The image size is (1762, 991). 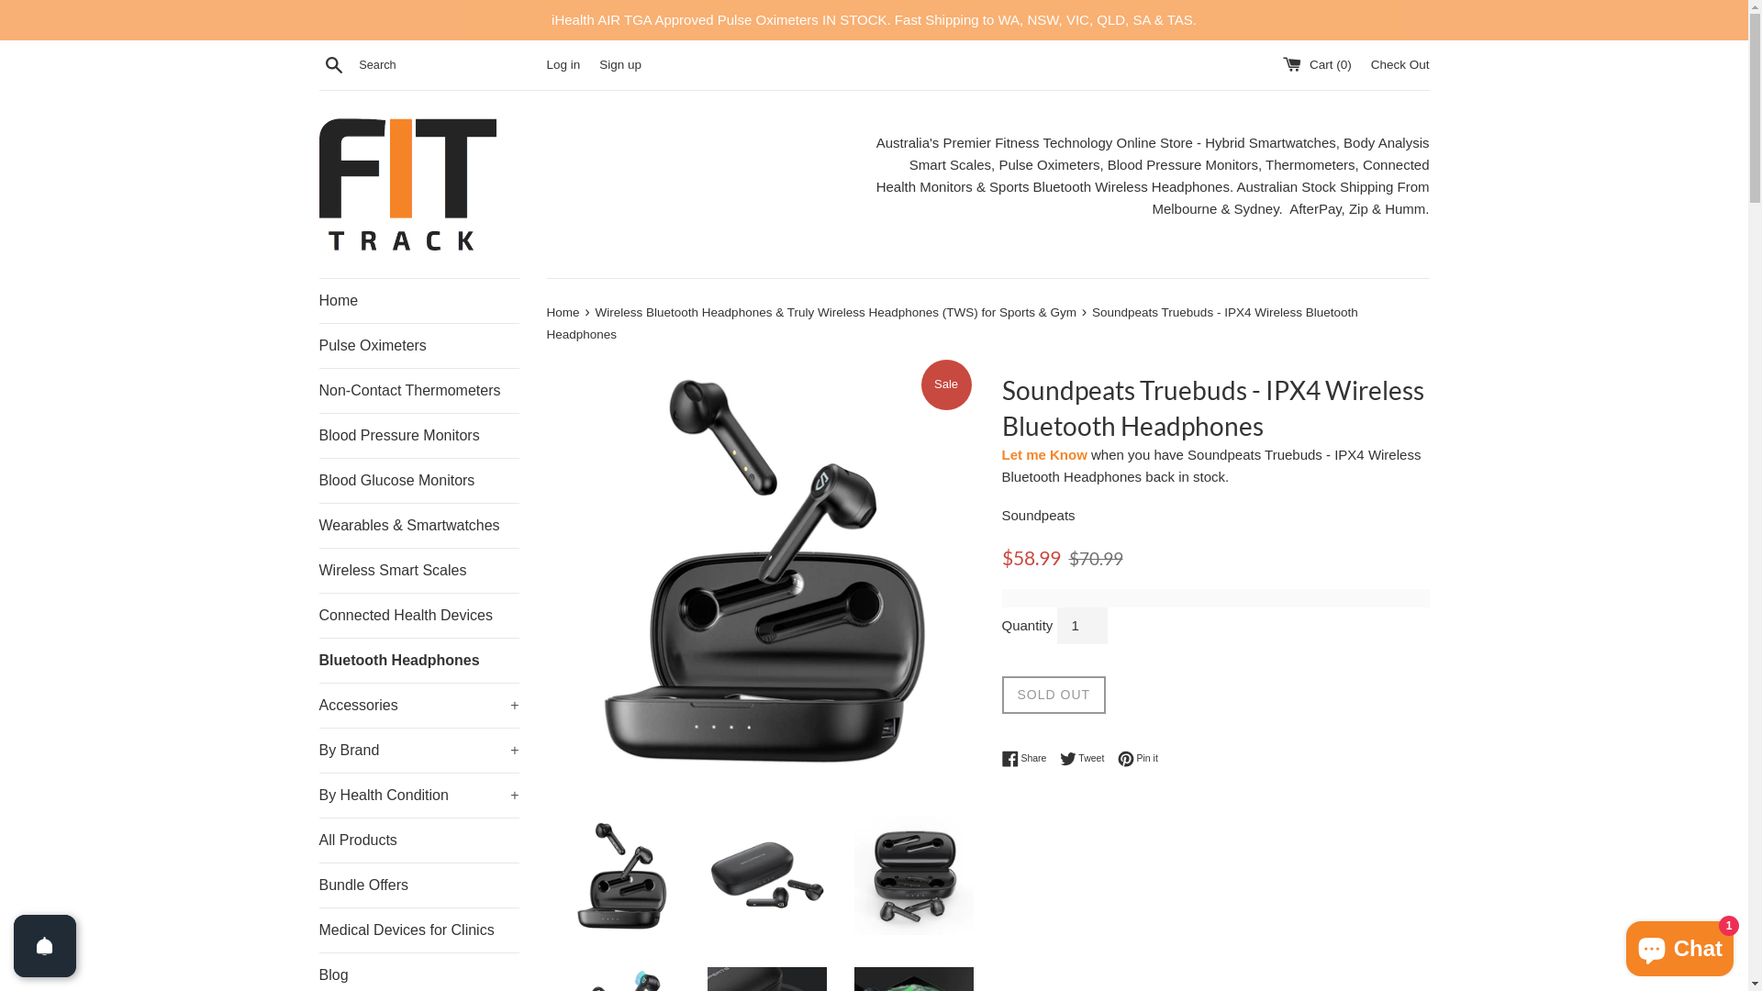 What do you see at coordinates (1348, 208) in the screenshot?
I see `'Zip'` at bounding box center [1348, 208].